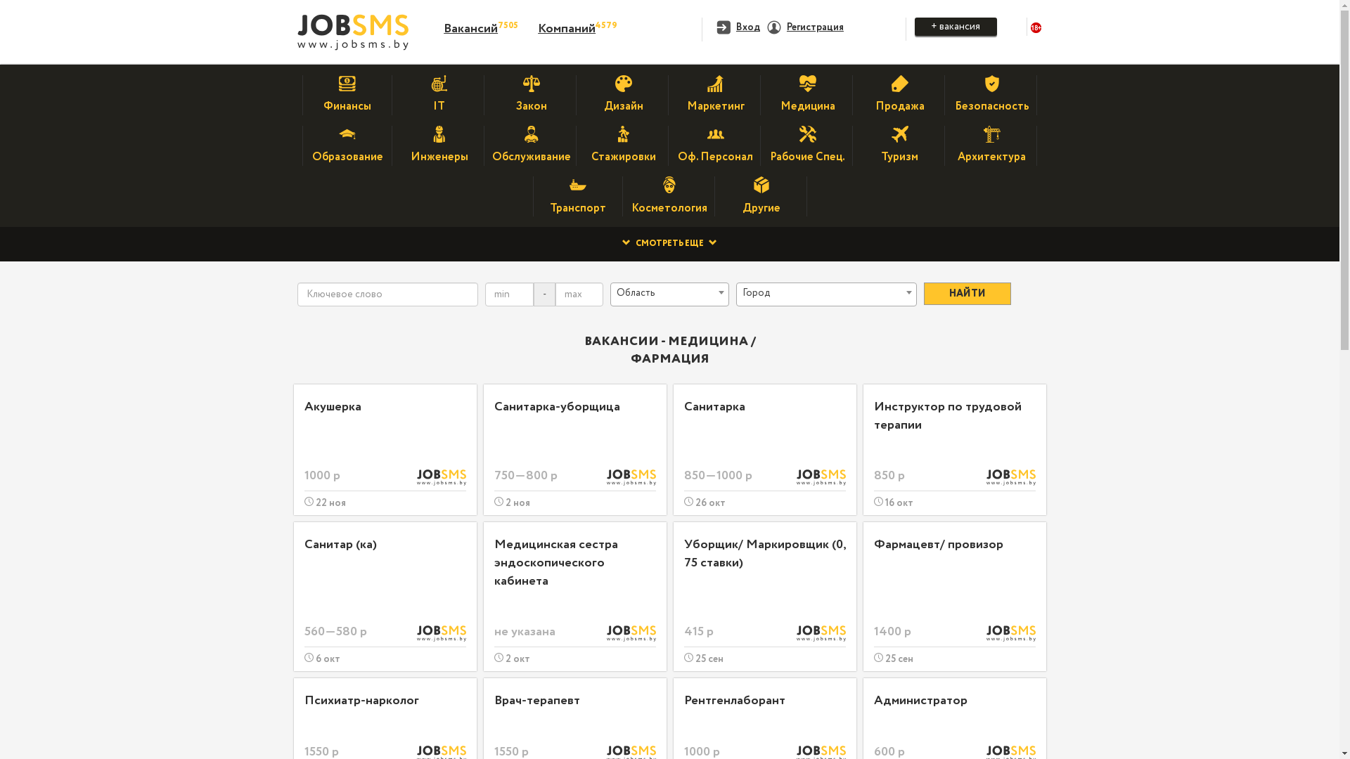 Image resolution: width=1350 pixels, height=759 pixels. Describe the element at coordinates (438, 98) in the screenshot. I see `'IT'` at that location.